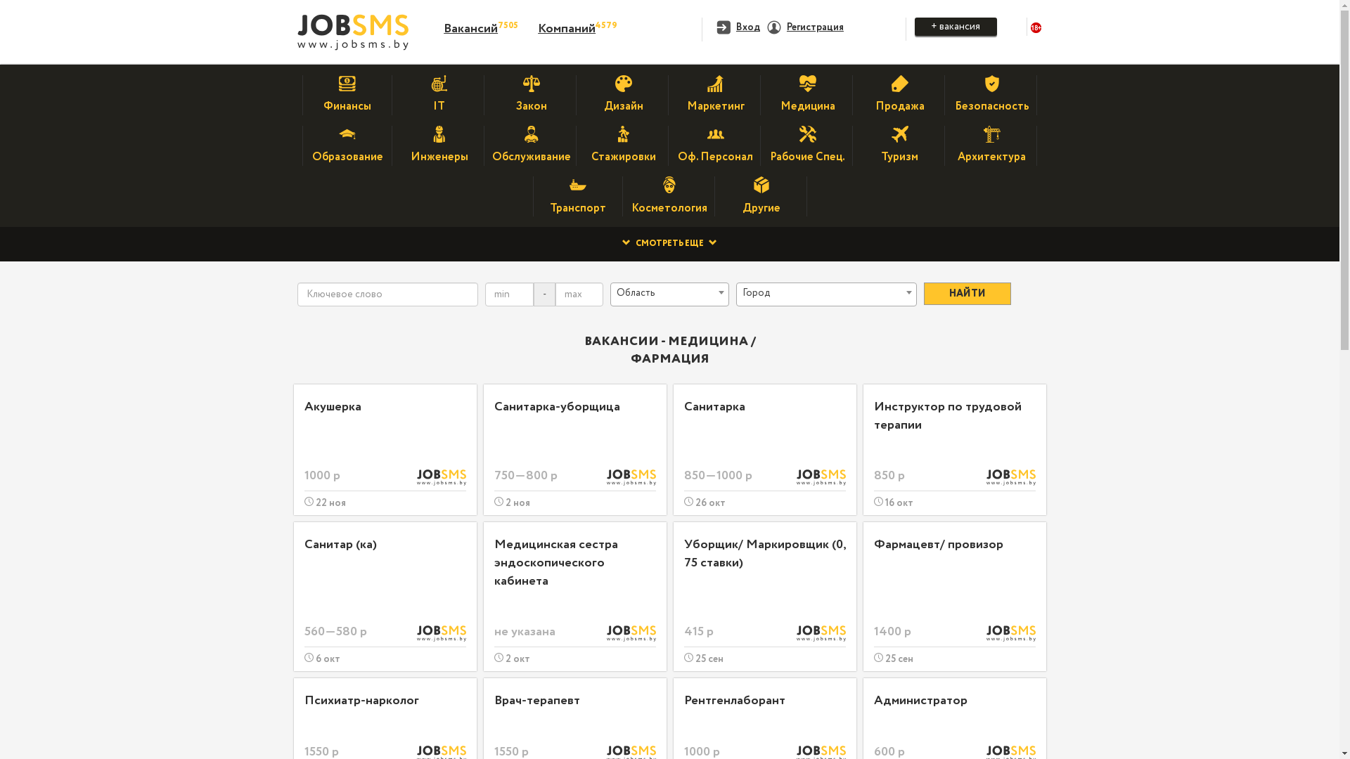 Image resolution: width=1350 pixels, height=759 pixels. Describe the element at coordinates (438, 98) in the screenshot. I see `'IT'` at that location.